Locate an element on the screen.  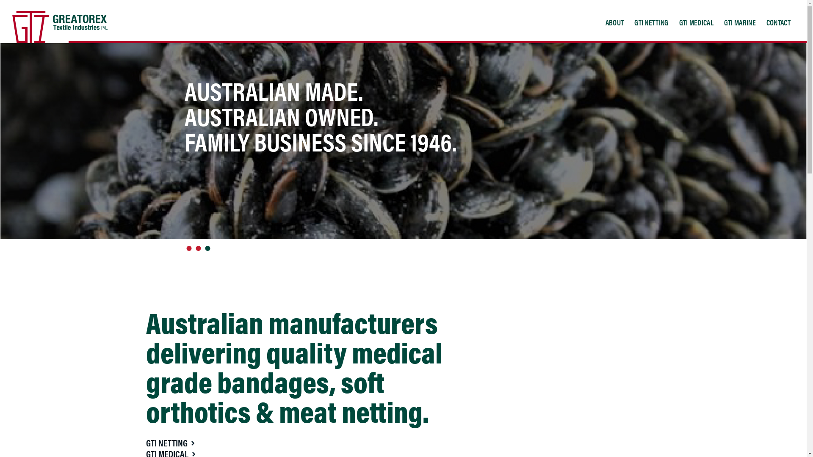
'2' is located at coordinates (198, 248).